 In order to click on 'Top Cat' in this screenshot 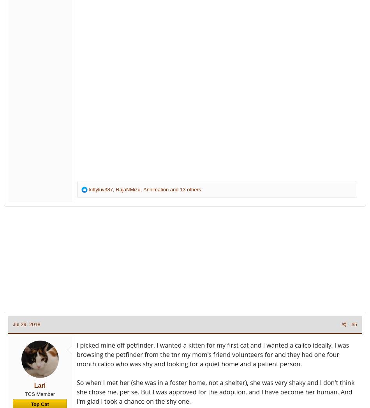, I will do `click(40, 404)`.